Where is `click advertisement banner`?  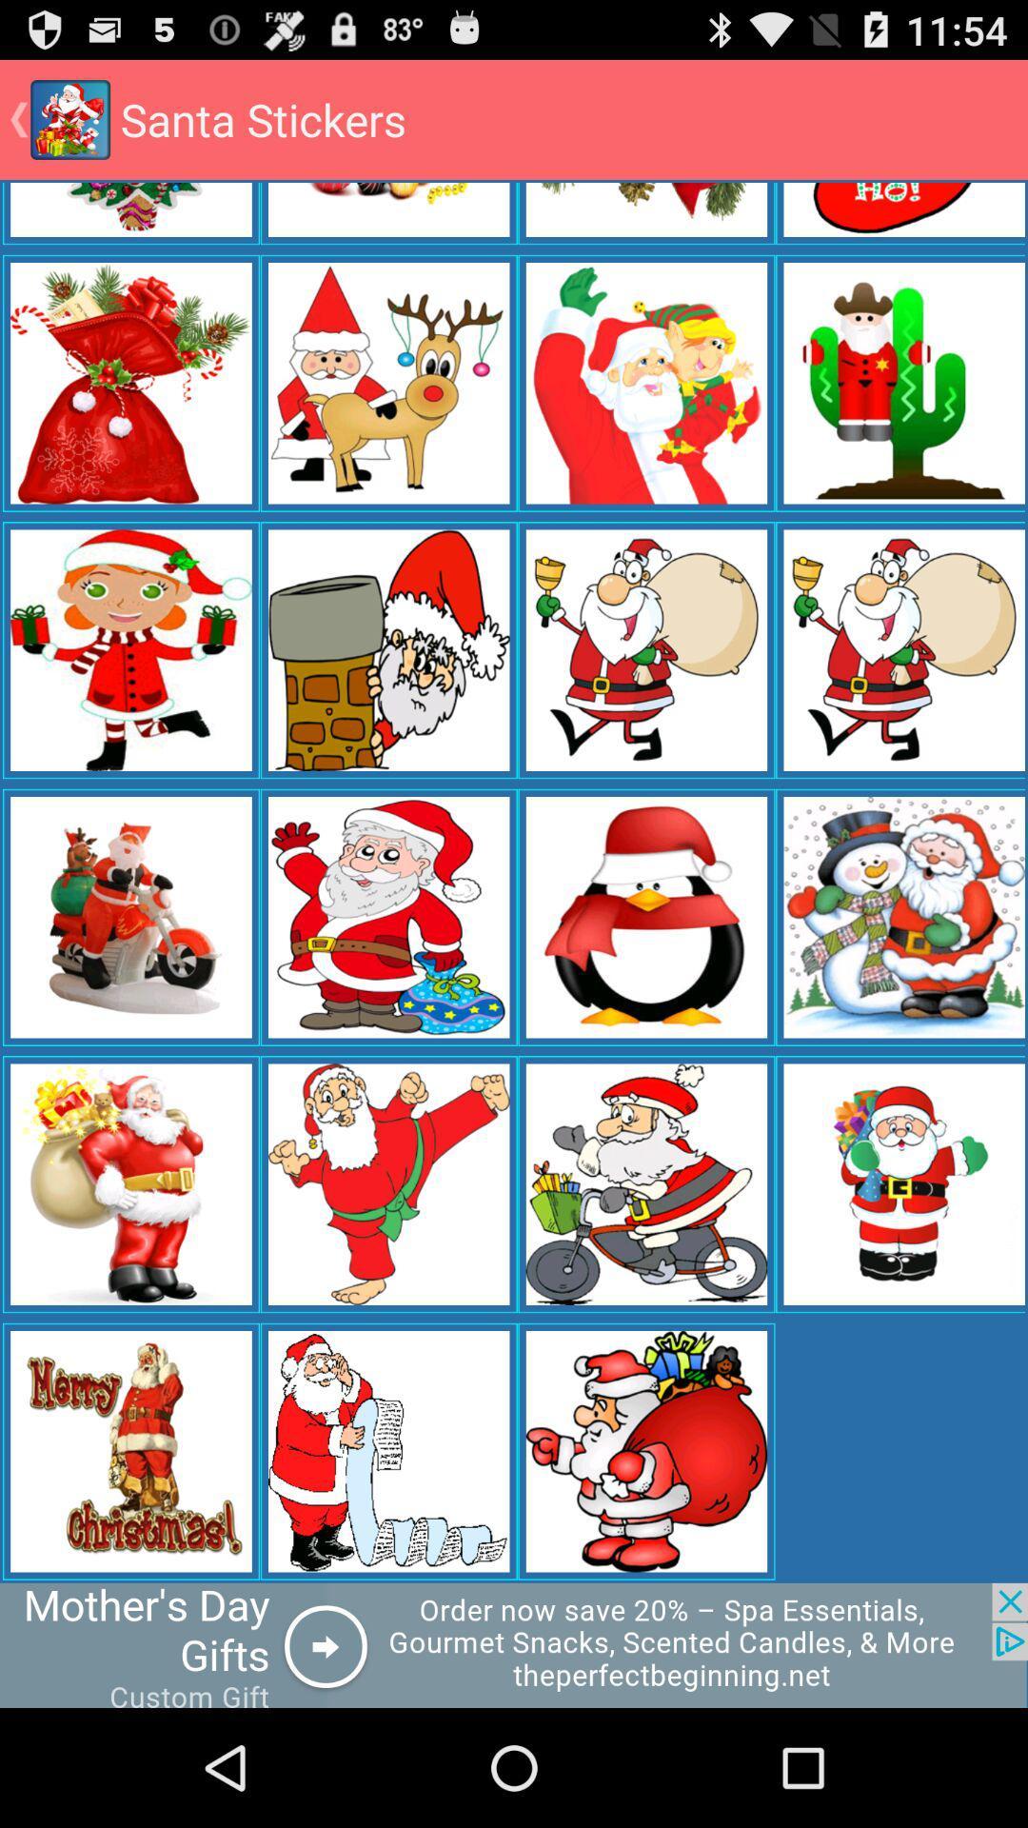
click advertisement banner is located at coordinates (514, 1644).